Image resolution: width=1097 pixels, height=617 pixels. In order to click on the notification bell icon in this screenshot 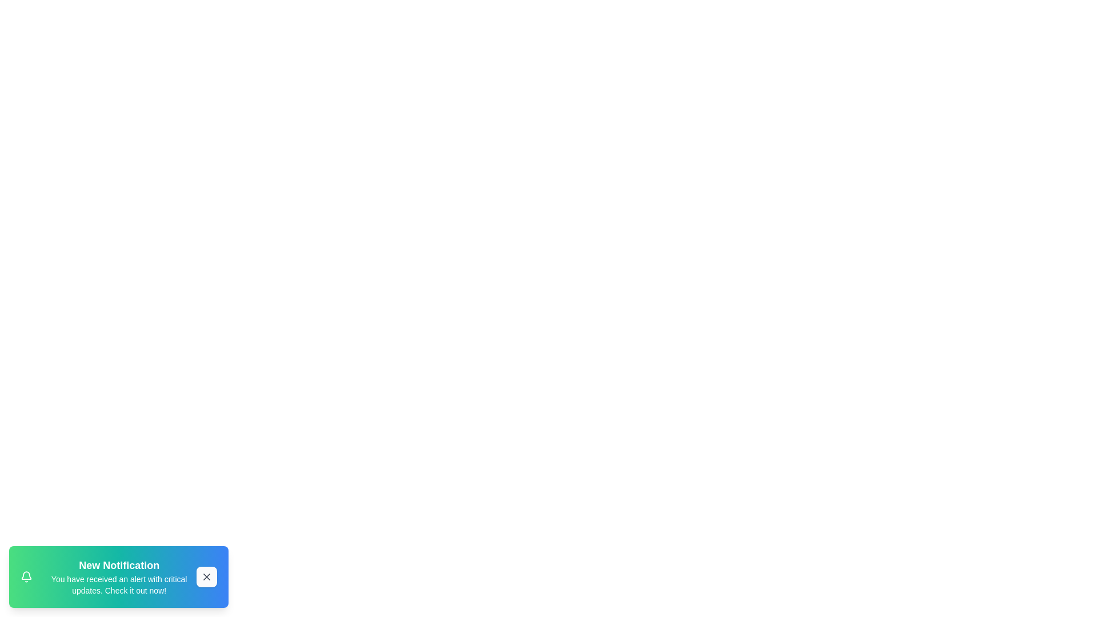, I will do `click(26, 577)`.